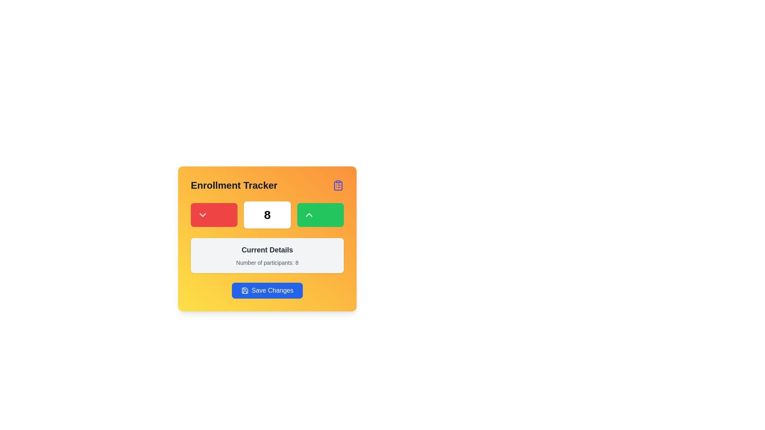 This screenshot has width=765, height=430. What do you see at coordinates (244, 290) in the screenshot?
I see `the save icon located in the top-right corner of the interface, adjacent to the title text 'Enrollment Tracker'` at bounding box center [244, 290].